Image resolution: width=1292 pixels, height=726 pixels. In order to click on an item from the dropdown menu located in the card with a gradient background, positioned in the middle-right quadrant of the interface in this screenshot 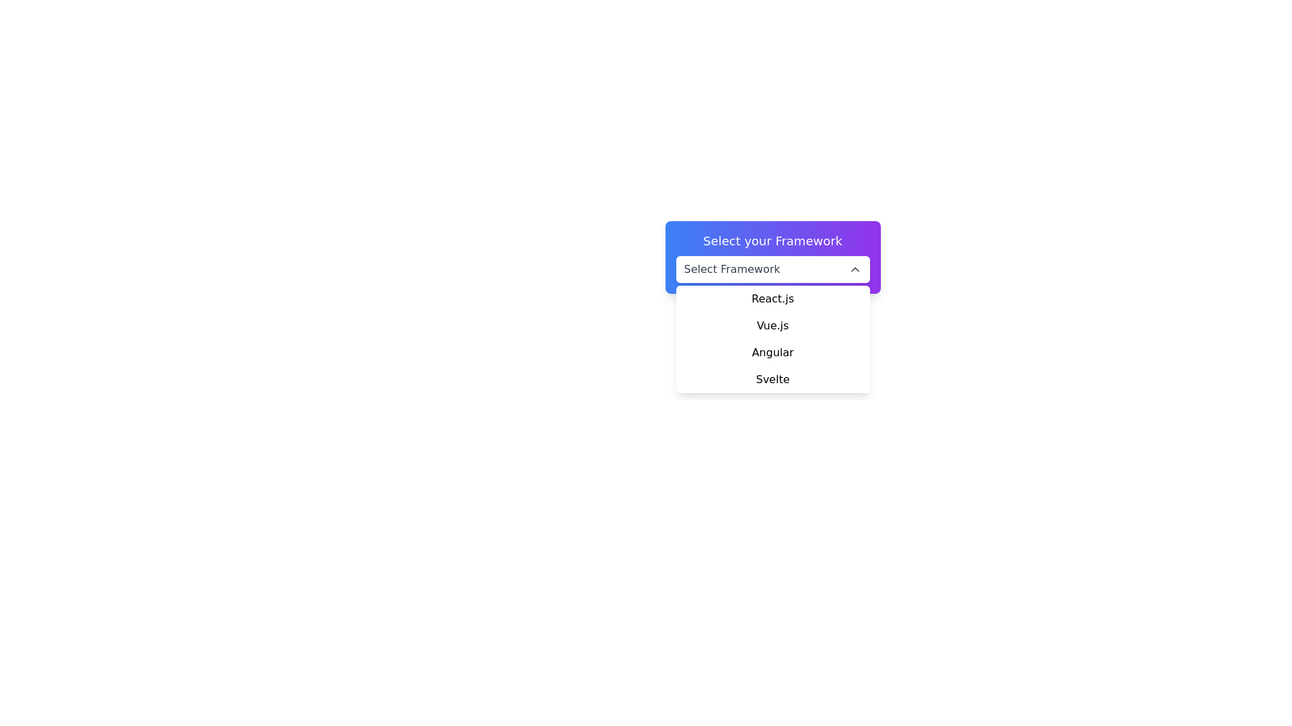, I will do `click(773, 257)`.